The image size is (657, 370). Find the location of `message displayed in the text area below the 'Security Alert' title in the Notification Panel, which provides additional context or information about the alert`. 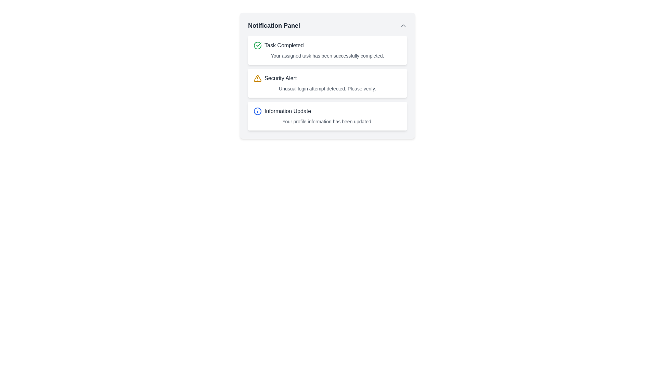

message displayed in the text area below the 'Security Alert' title in the Notification Panel, which provides additional context or information about the alert is located at coordinates (327, 88).